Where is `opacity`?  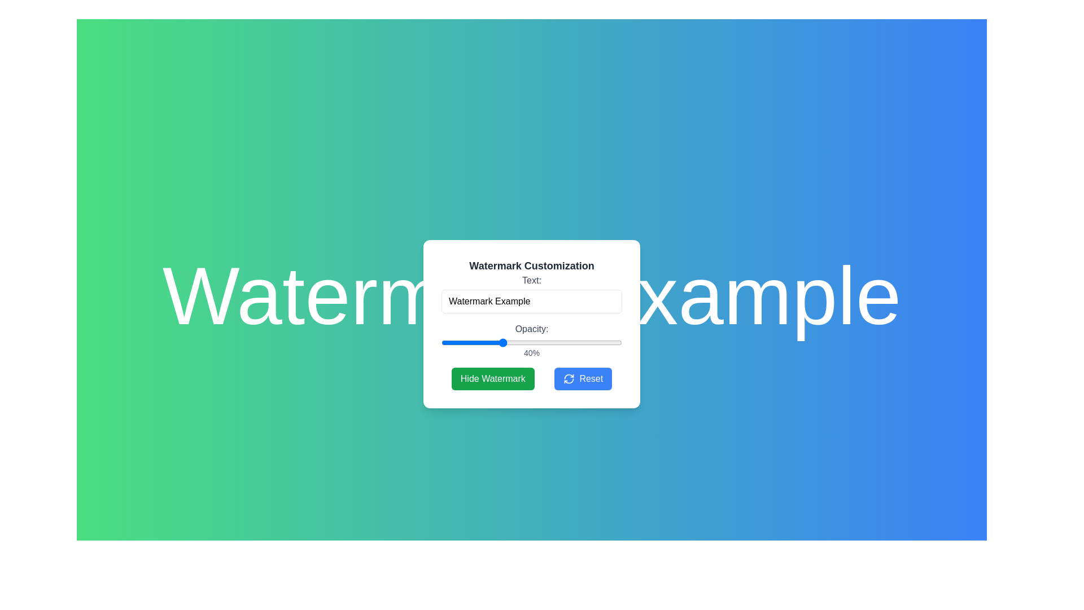 opacity is located at coordinates (503, 342).